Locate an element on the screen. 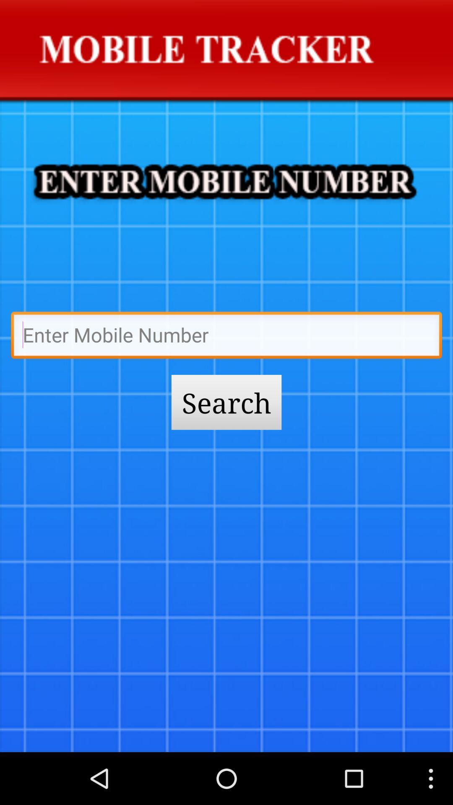 This screenshot has width=453, height=805. type bthe name is located at coordinates (226, 337).